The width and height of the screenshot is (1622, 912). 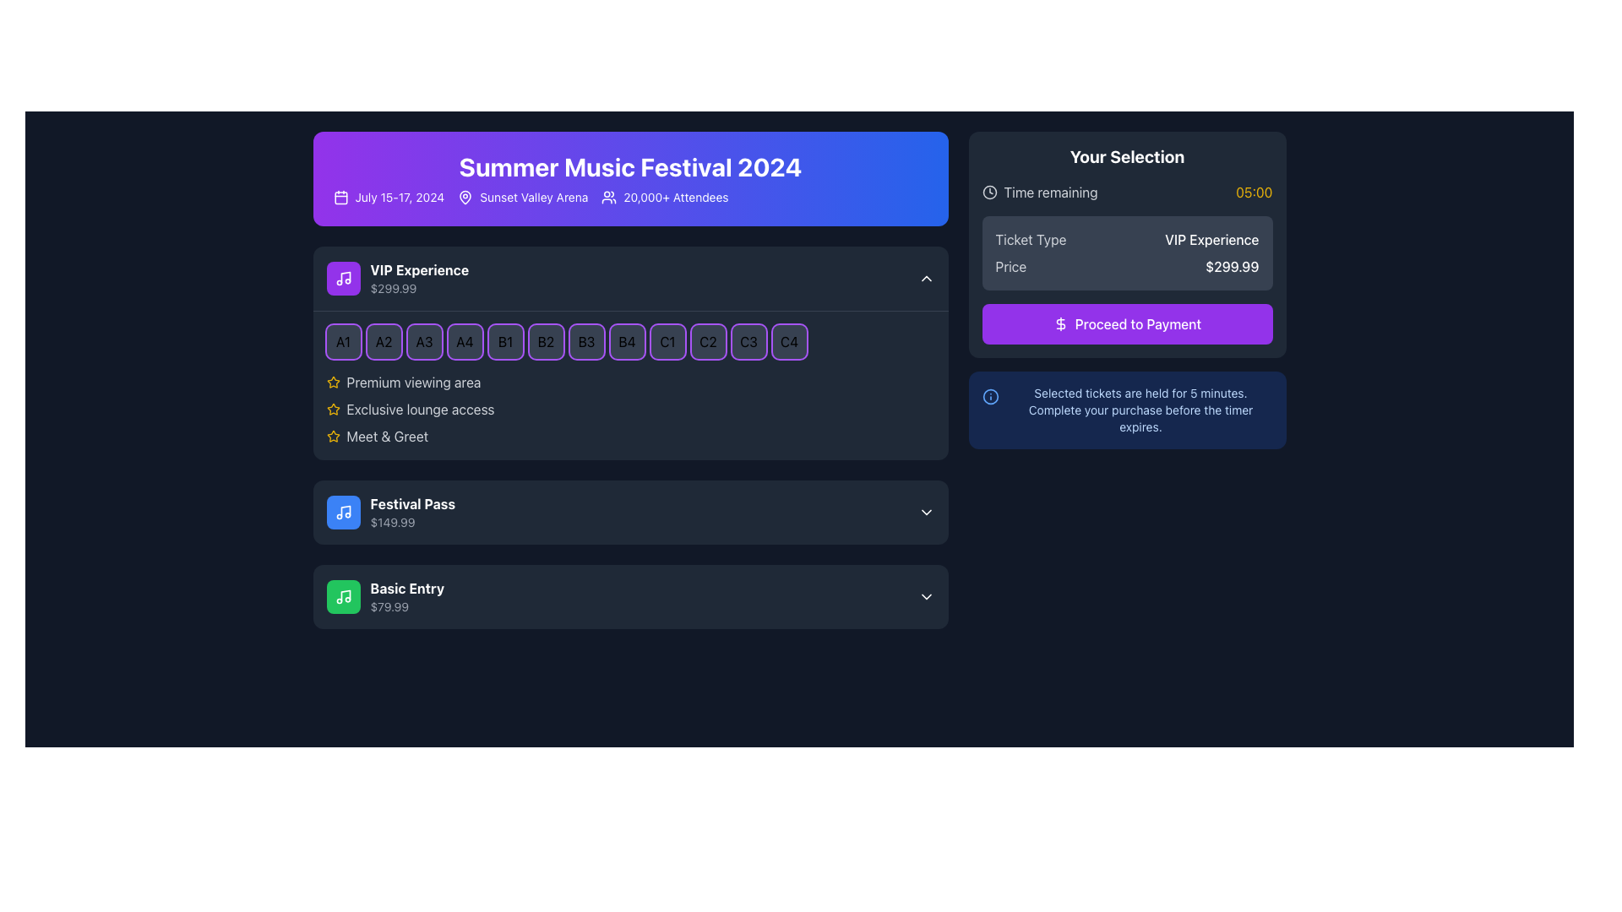 What do you see at coordinates (342, 342) in the screenshot?
I see `the button labeled 'A1', which is a rectangular button with a dark gray background and white centered text, located at the top left corner of the grid` at bounding box center [342, 342].